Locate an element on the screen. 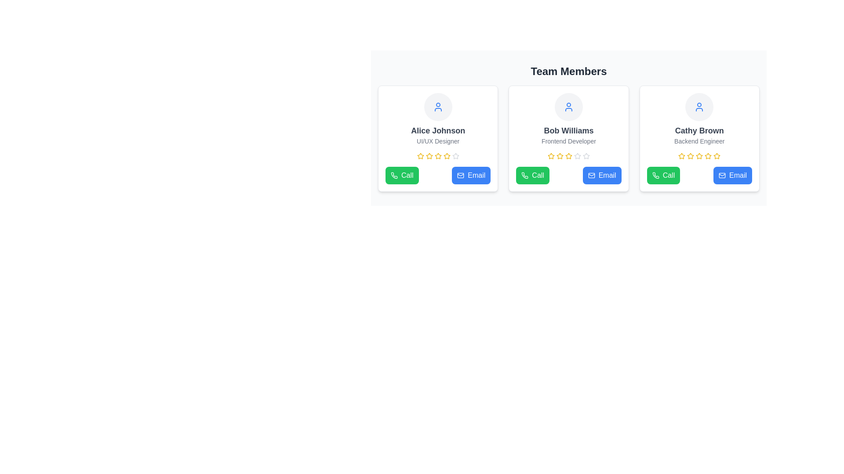  the second yellow star icon in the rating system under the 'Bob Williams - Frontend Developer' section of the profile card is located at coordinates (550, 155).